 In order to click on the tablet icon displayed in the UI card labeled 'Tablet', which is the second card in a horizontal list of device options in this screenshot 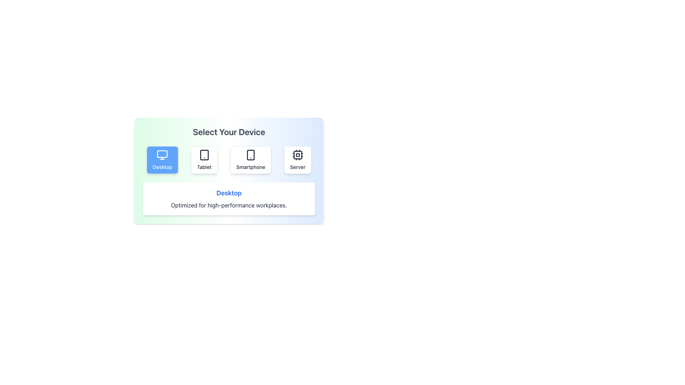, I will do `click(204, 155)`.